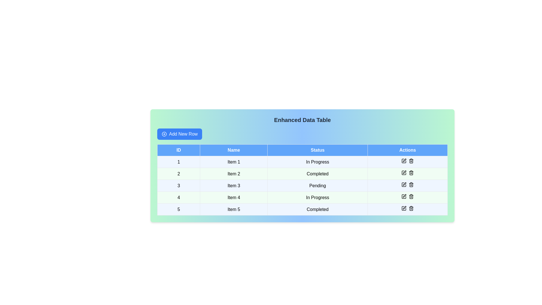  Describe the element at coordinates (318, 186) in the screenshot. I see `the static 'Pending' status text label located in the 'Status' column of the data table for 'Item 3'` at that location.